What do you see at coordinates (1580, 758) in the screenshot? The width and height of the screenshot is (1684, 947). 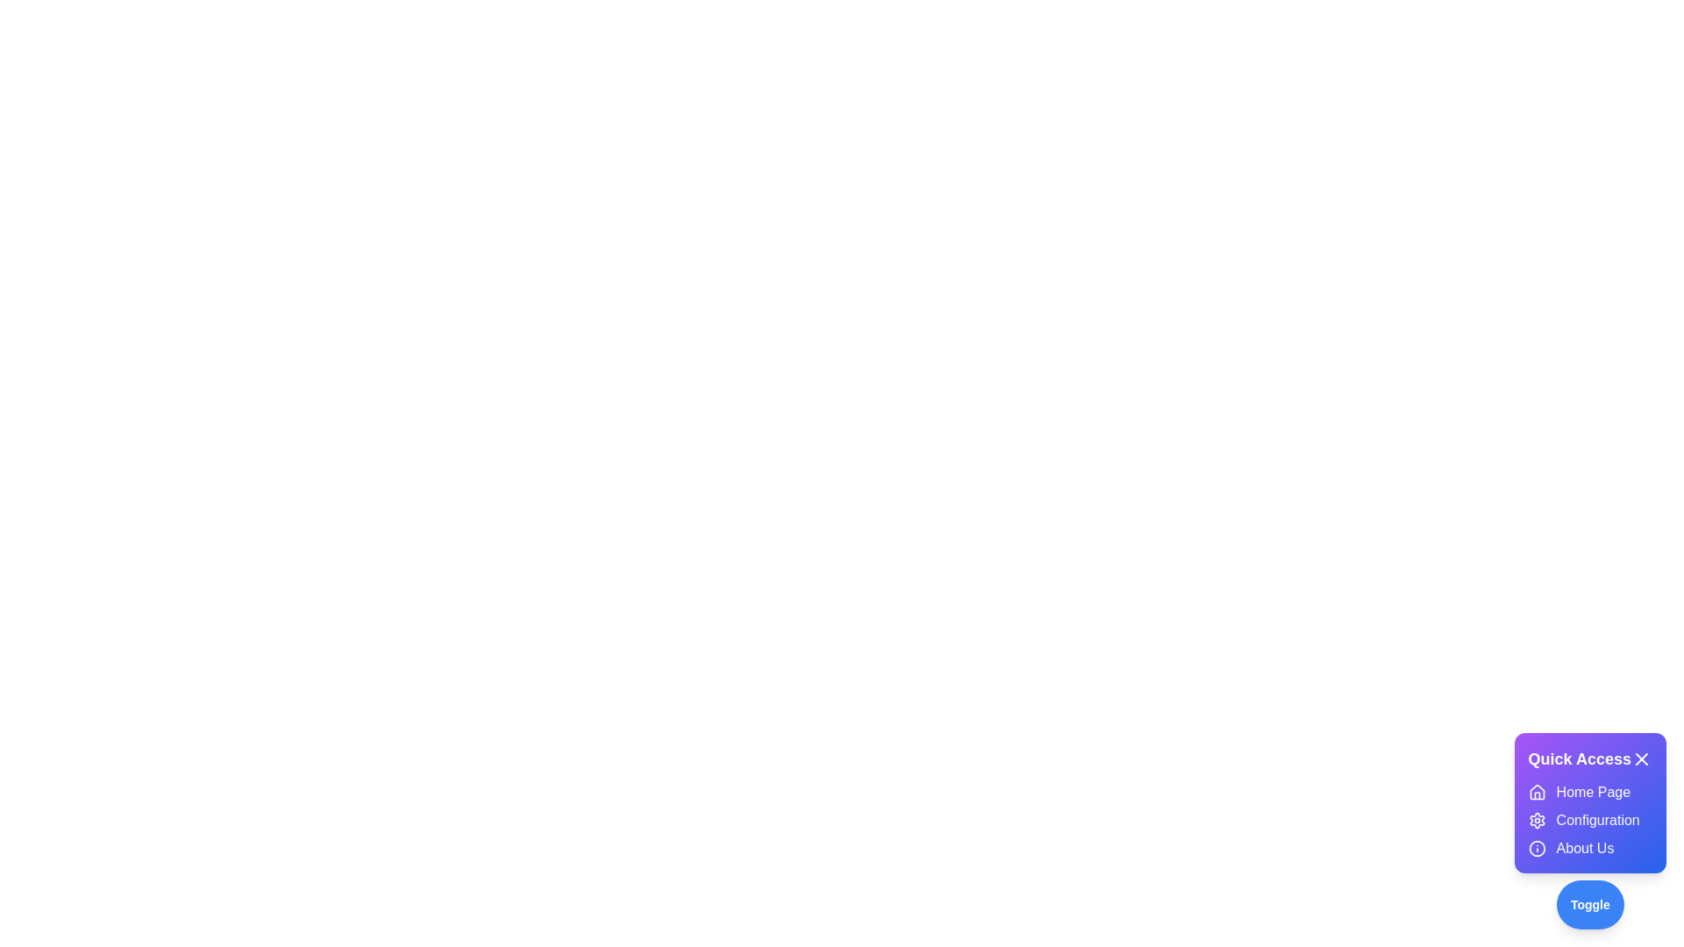 I see `the 'Quick Access' static text label, which is styled in bold and positioned at the top of a blue box with rounded corners` at bounding box center [1580, 758].